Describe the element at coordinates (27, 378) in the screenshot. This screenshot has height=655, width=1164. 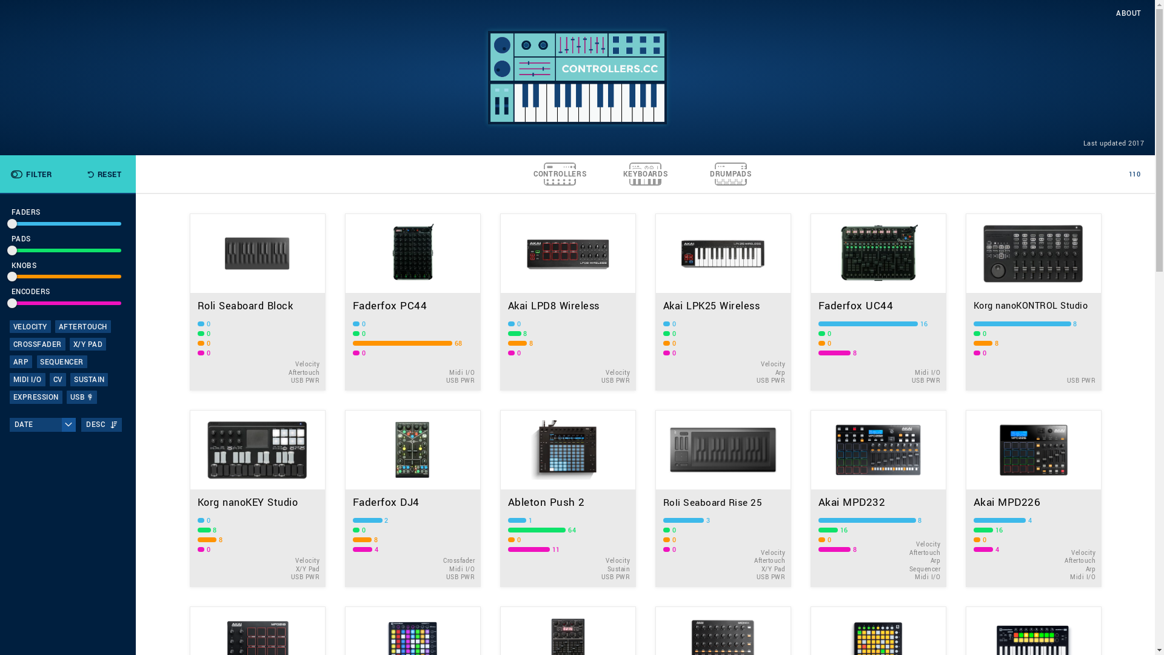
I see `'MIDI I/O'` at that location.